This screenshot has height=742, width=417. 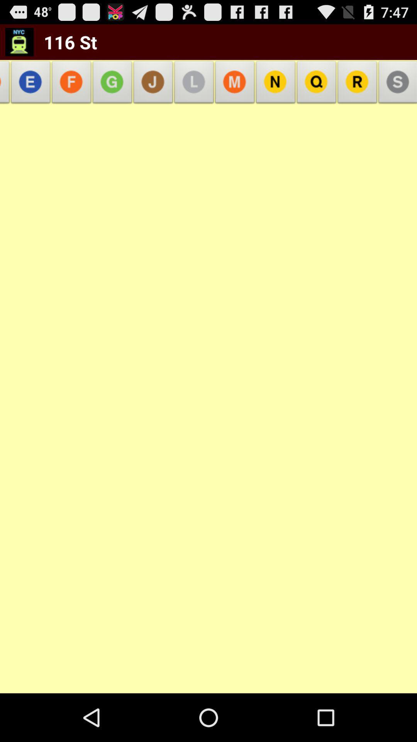 What do you see at coordinates (193, 90) in the screenshot?
I see `the time icon` at bounding box center [193, 90].